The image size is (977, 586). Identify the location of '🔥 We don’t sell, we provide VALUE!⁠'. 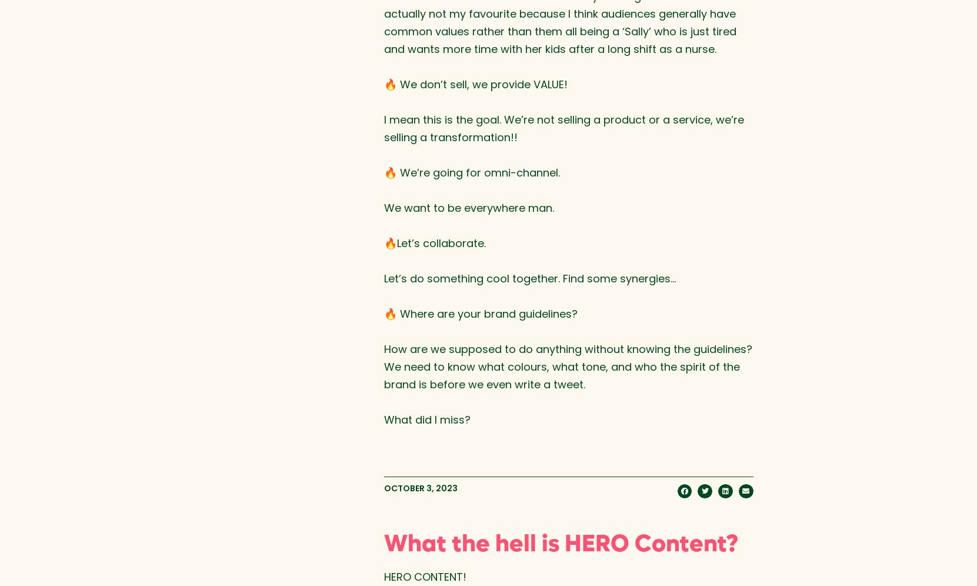
(475, 83).